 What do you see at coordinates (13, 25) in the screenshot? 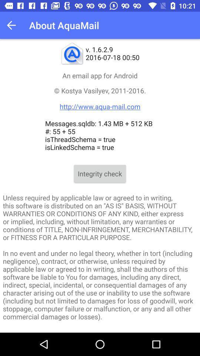
I see `the app to the left of about aquamail icon` at bounding box center [13, 25].